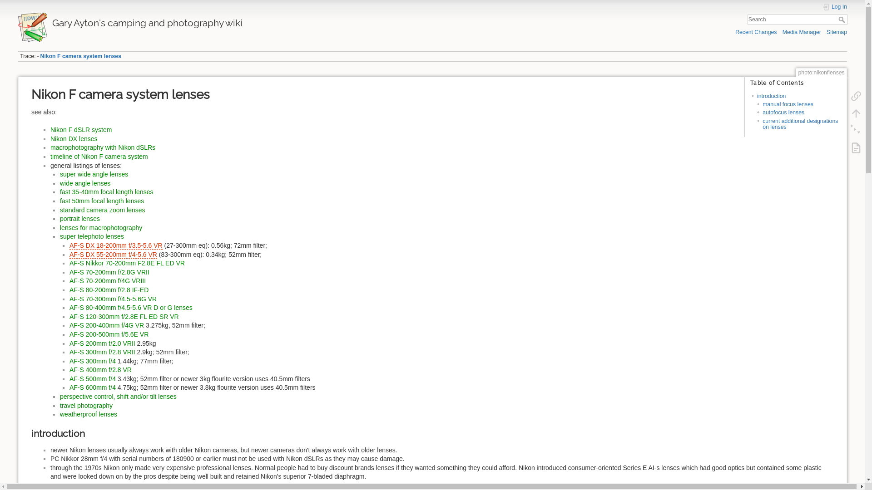 This screenshot has width=872, height=490. I want to click on 'Sitemap', so click(826, 31).